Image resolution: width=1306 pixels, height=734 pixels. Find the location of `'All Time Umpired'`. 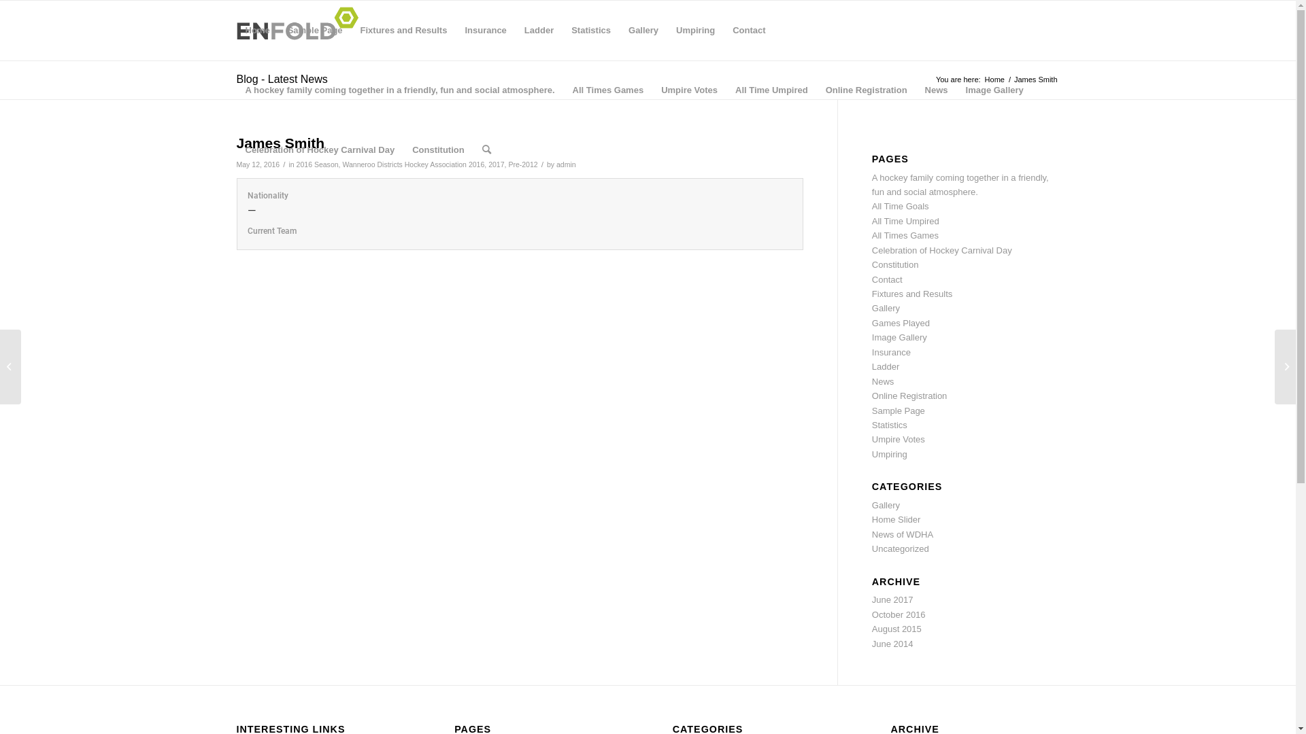

'All Time Umpired' is located at coordinates (726, 90).